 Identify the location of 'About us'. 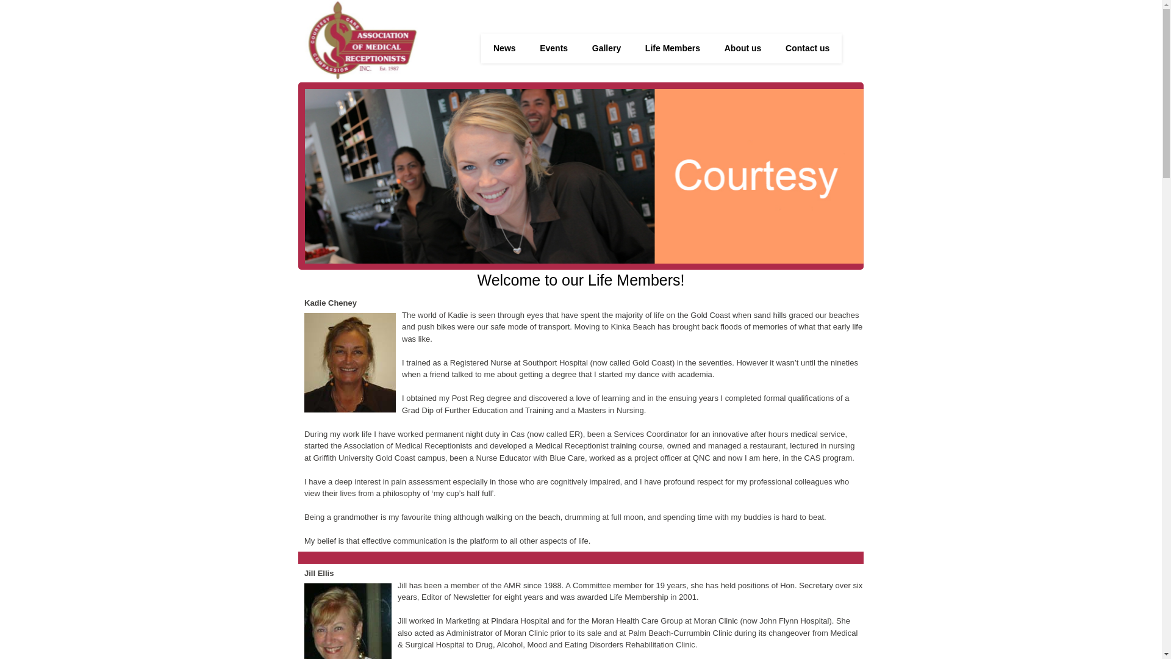
(741, 48).